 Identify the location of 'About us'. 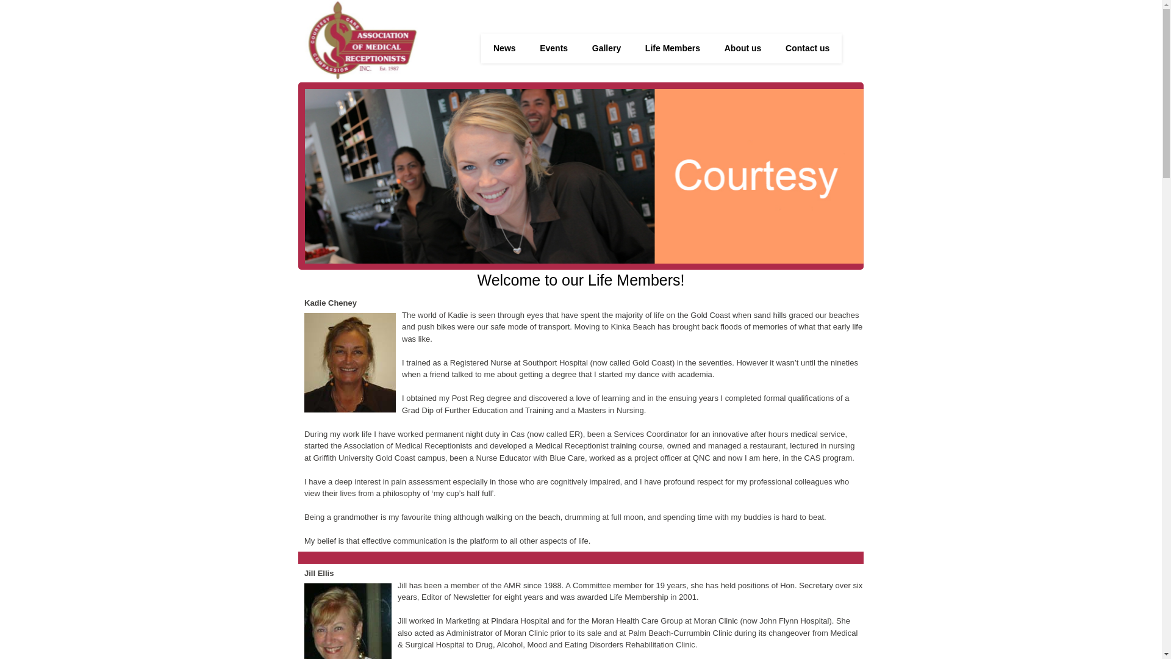
(741, 48).